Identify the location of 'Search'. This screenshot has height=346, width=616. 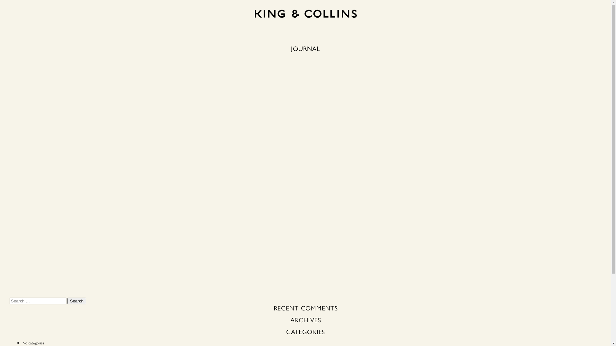
(67, 301).